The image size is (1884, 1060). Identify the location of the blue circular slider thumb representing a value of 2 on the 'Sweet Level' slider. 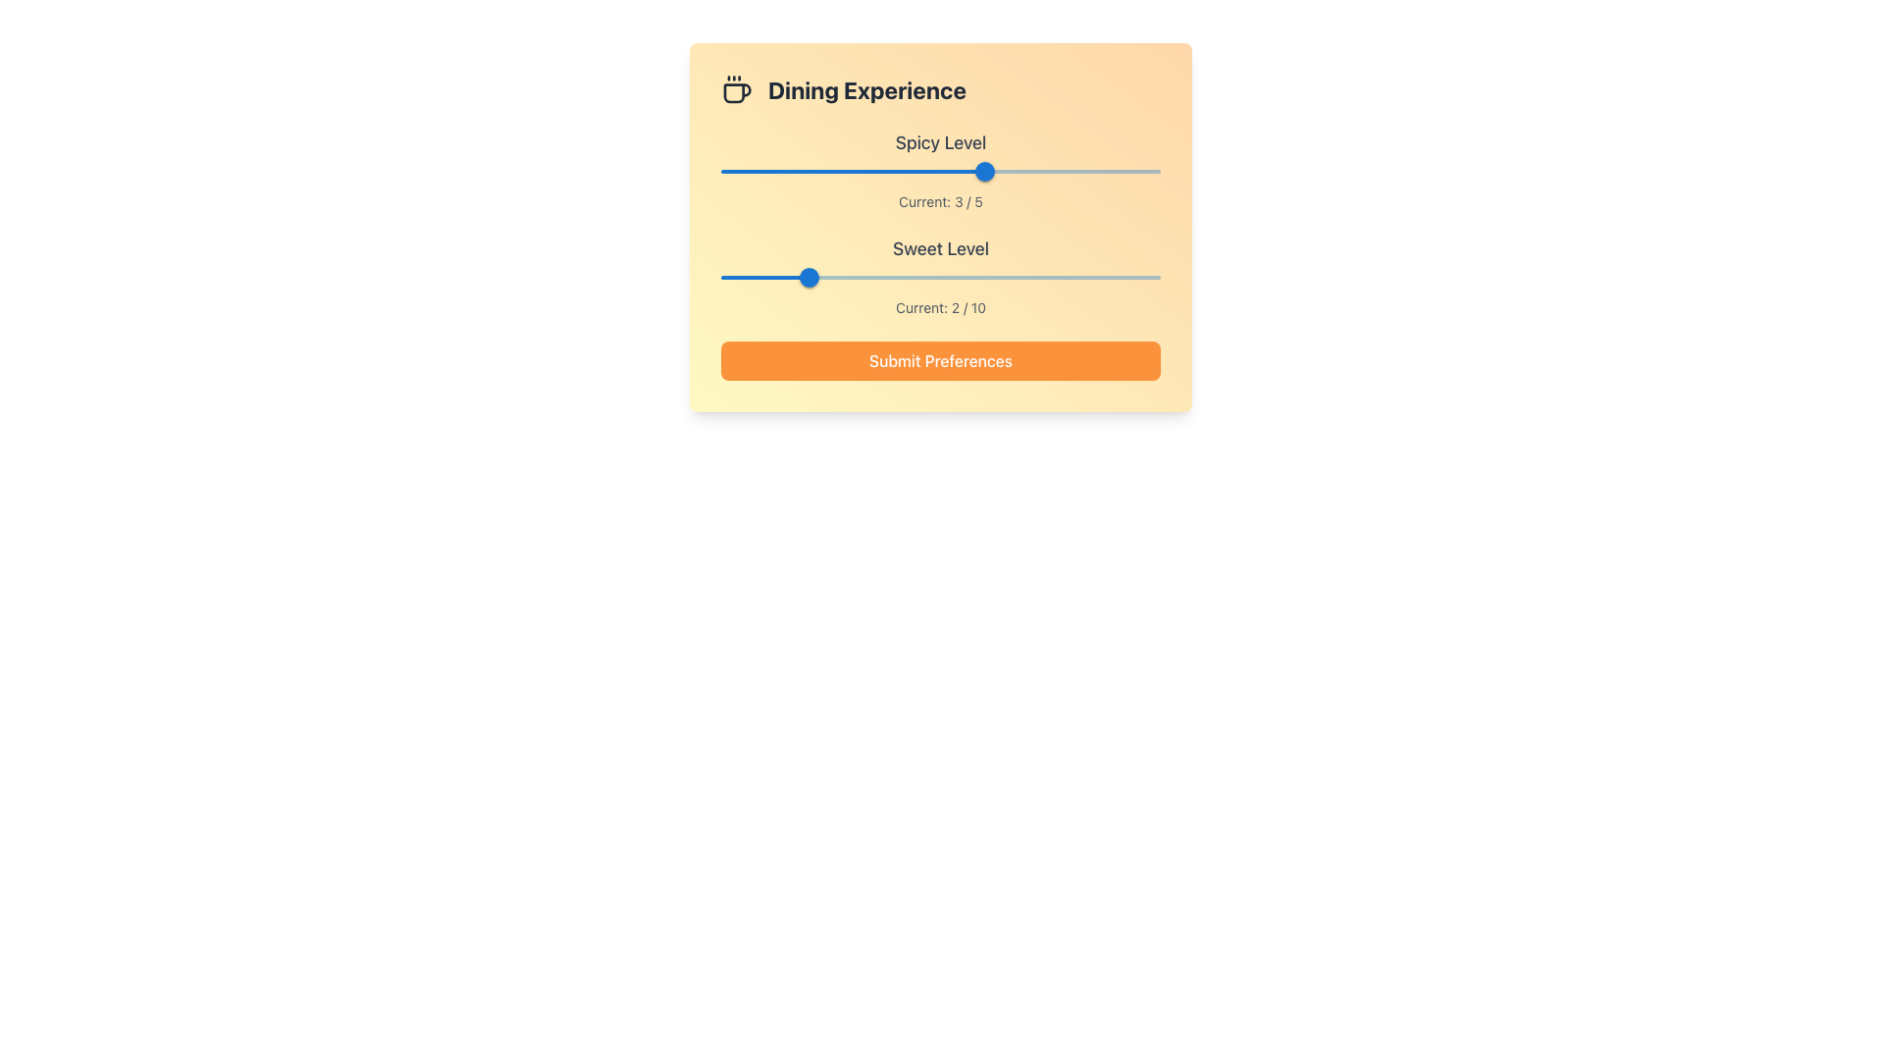
(809, 277).